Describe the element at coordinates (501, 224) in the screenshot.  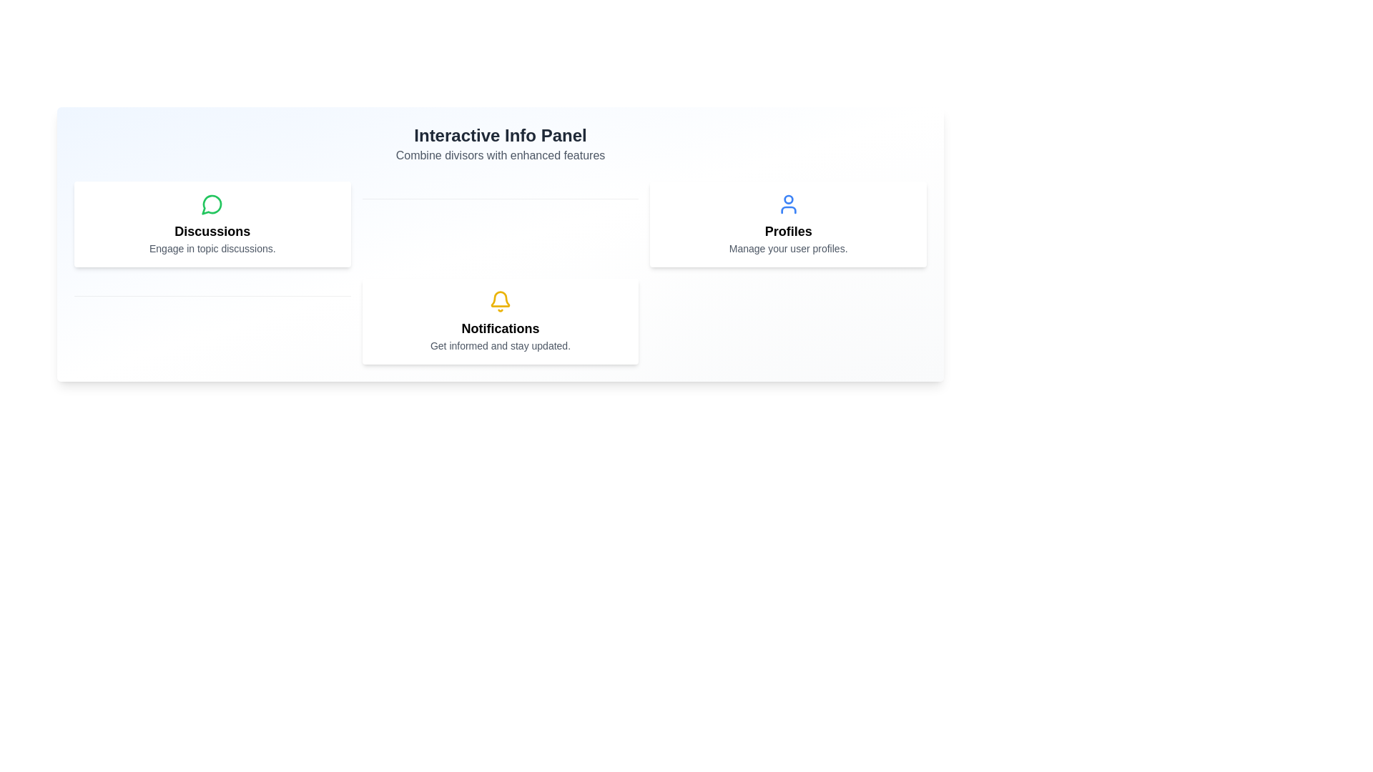
I see `the slim horizontal separator line that divides the 'Discussions' and 'Profiles' sections from the 'Notifications' section` at that location.